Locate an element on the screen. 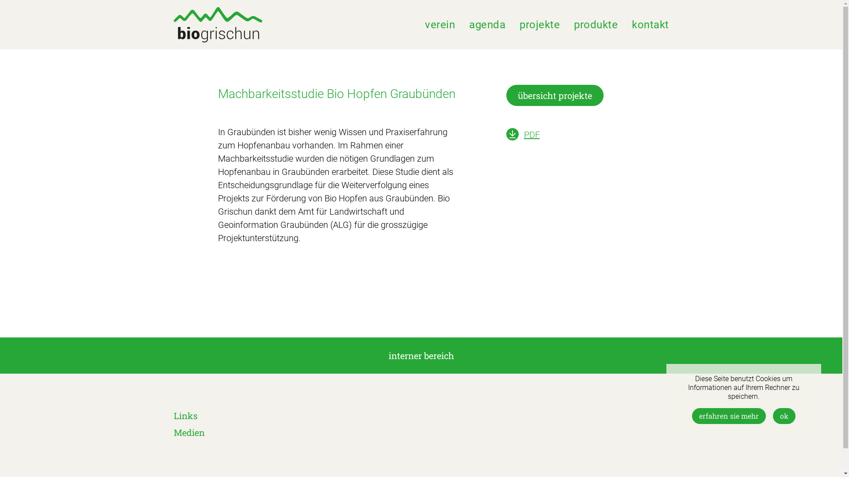 This screenshot has height=477, width=849. 'erfahren sie mehr' is located at coordinates (691, 416).